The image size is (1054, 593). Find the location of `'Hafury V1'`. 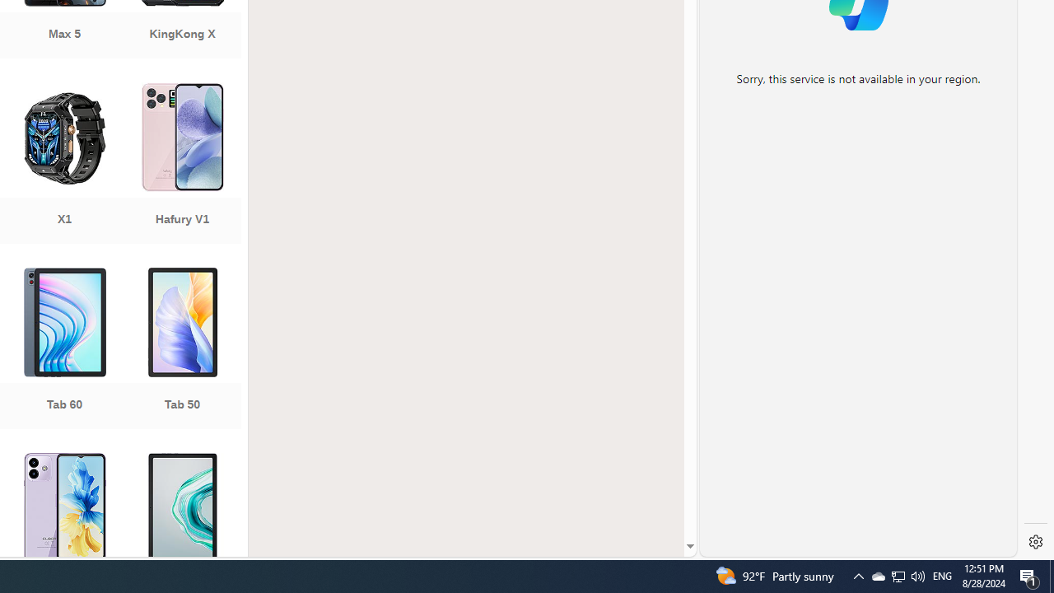

'Hafury V1' is located at coordinates (182, 165).